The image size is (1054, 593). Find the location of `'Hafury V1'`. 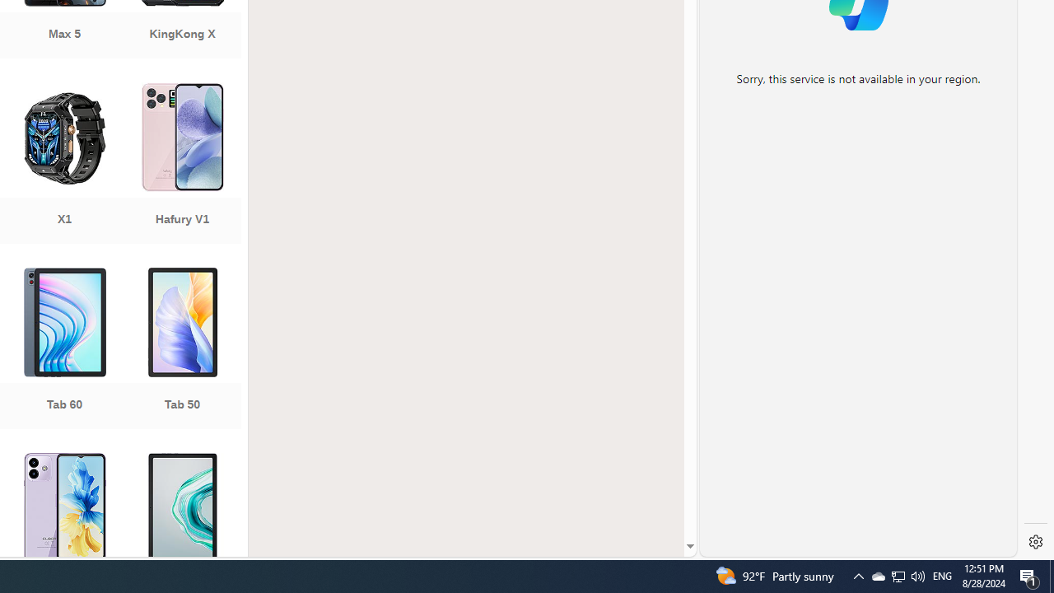

'Hafury V1' is located at coordinates (182, 165).